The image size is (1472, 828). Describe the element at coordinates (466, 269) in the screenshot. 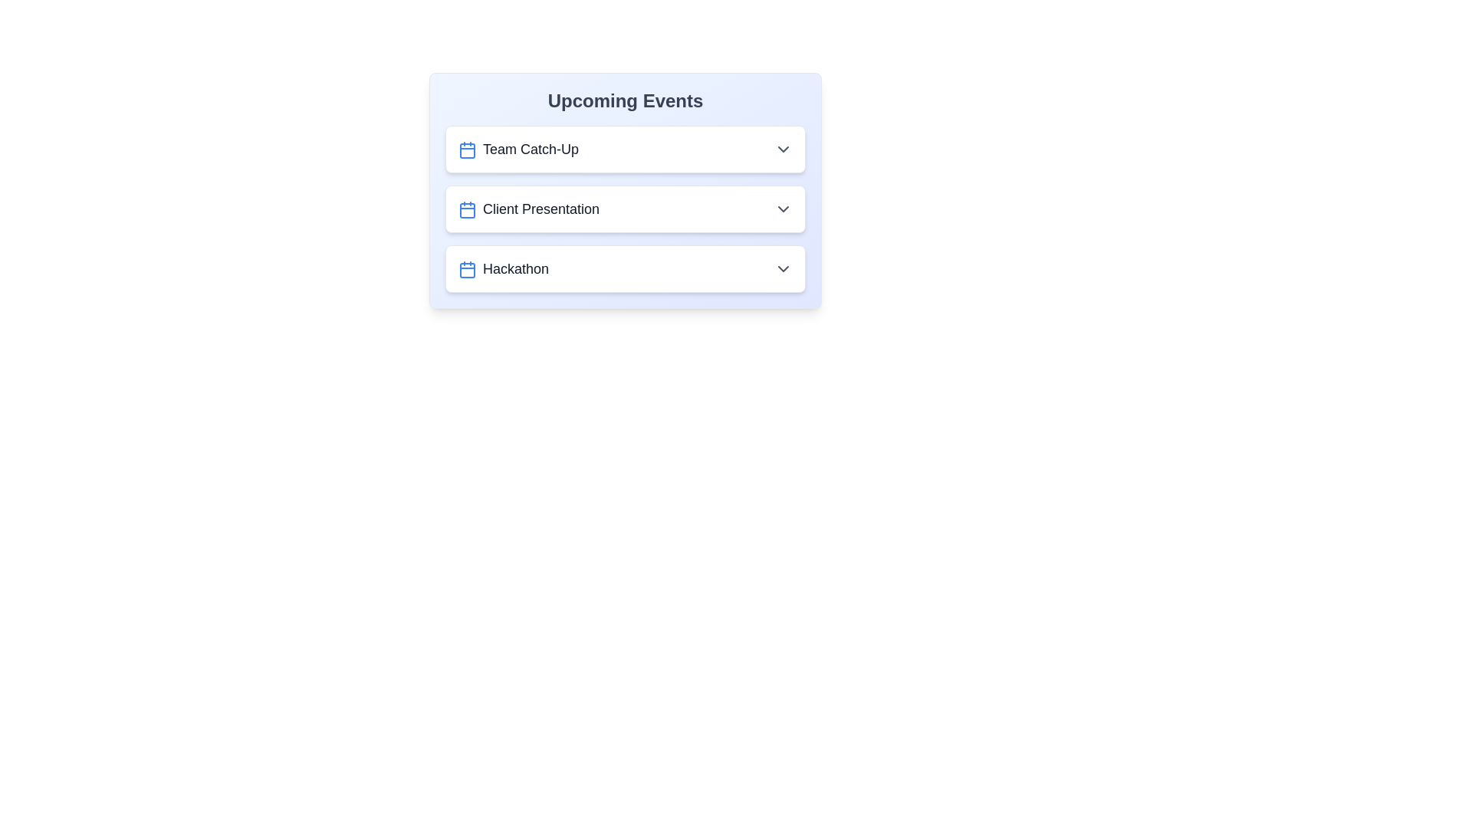

I see `the calendar icon for the event Hackathon` at that location.